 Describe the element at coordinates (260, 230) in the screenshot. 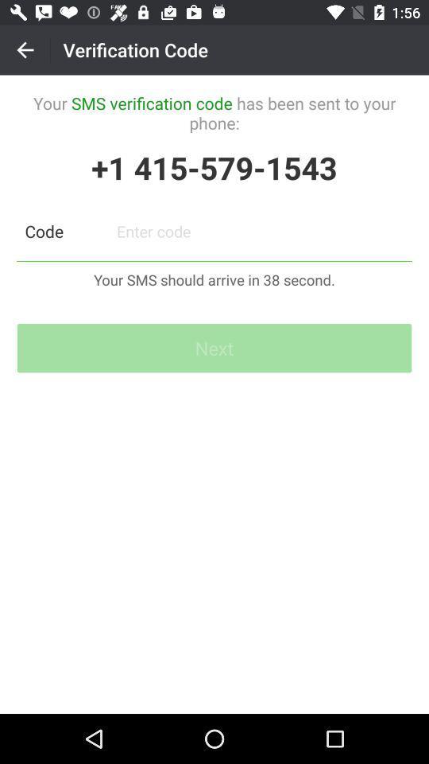

I see `otp option` at that location.